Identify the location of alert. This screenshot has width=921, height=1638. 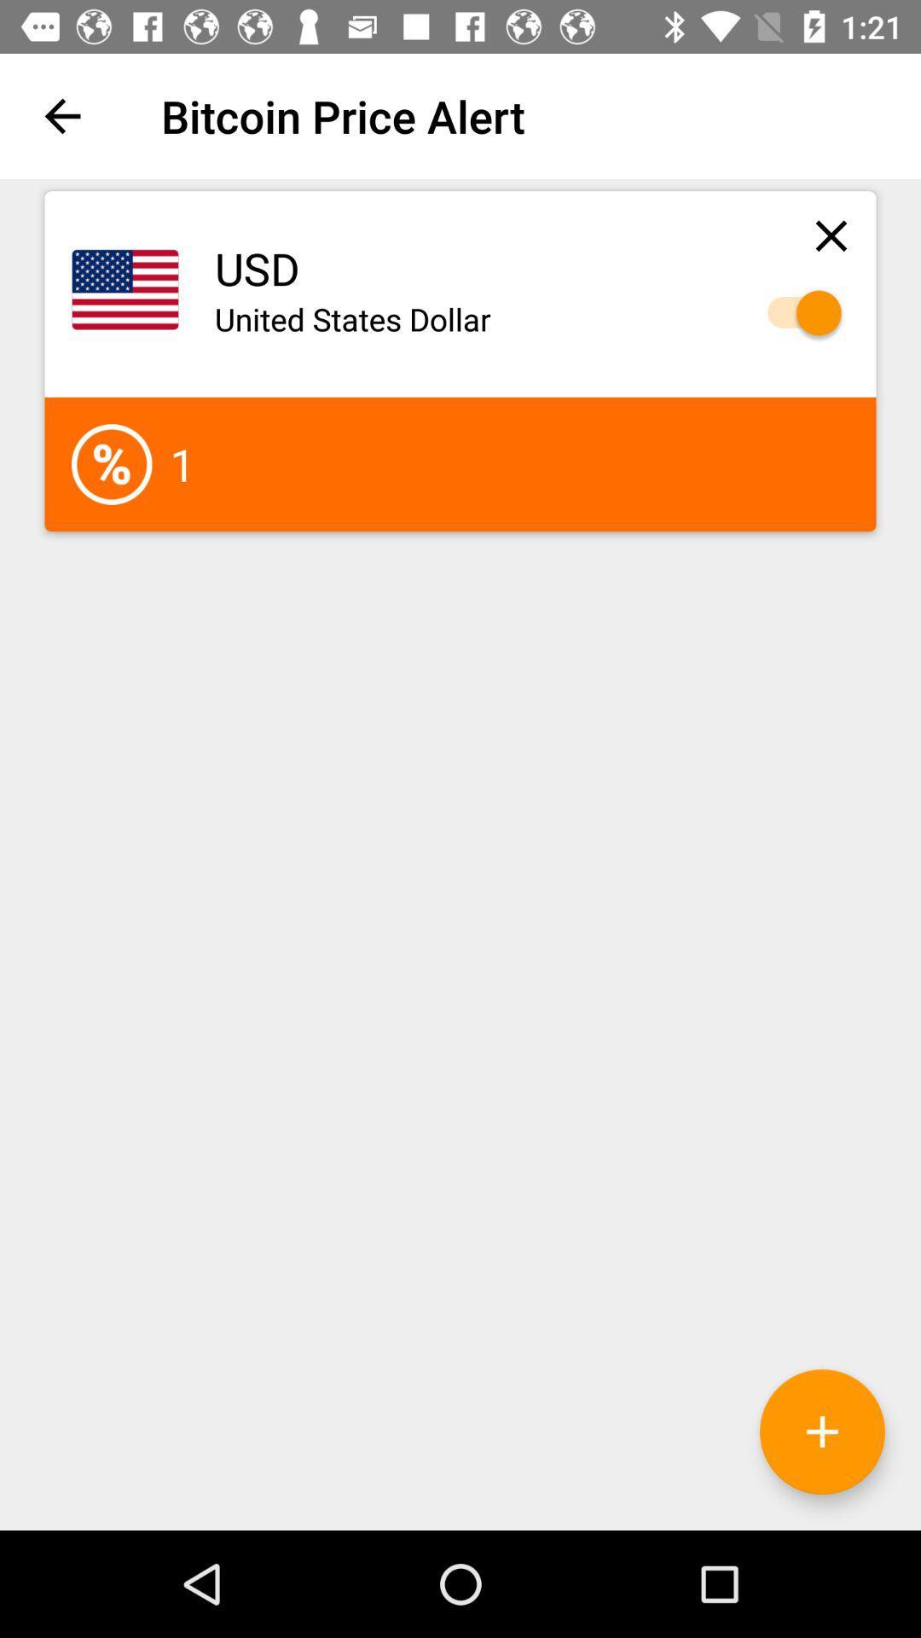
(796, 313).